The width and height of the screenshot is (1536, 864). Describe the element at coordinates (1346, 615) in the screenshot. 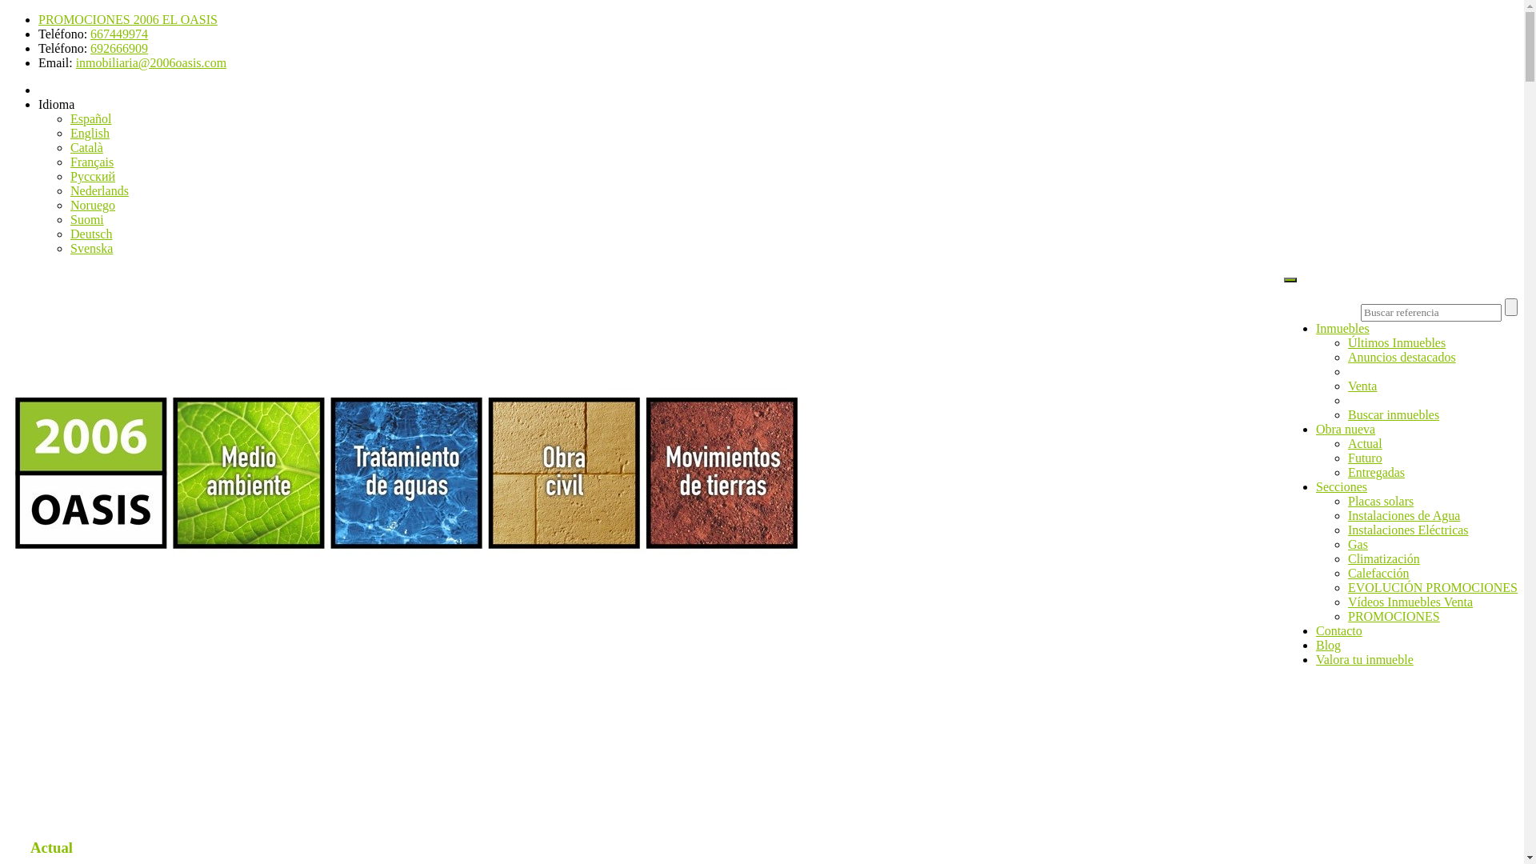

I see `'PROMOCIONES'` at that location.